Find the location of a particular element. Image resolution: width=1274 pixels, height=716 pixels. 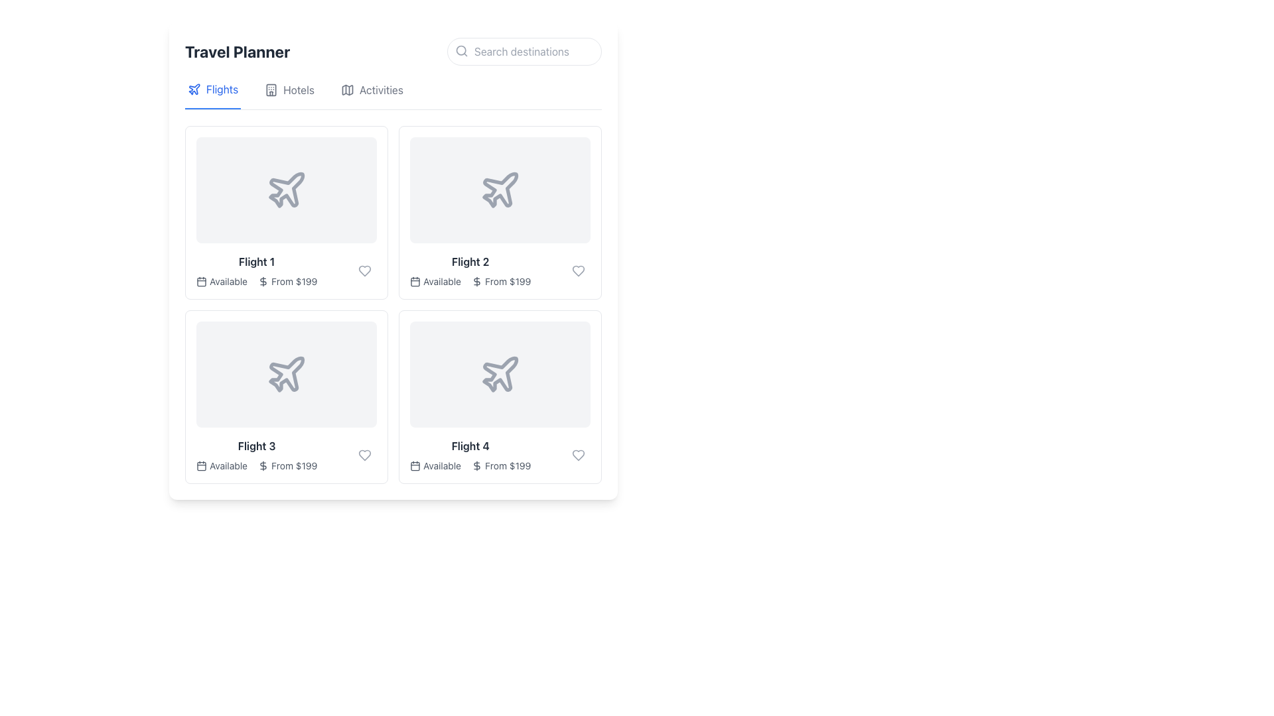

the text label displaying 'Flight 2', which is located under the airplane icon in the second flight's box of the grid is located at coordinates (470, 261).